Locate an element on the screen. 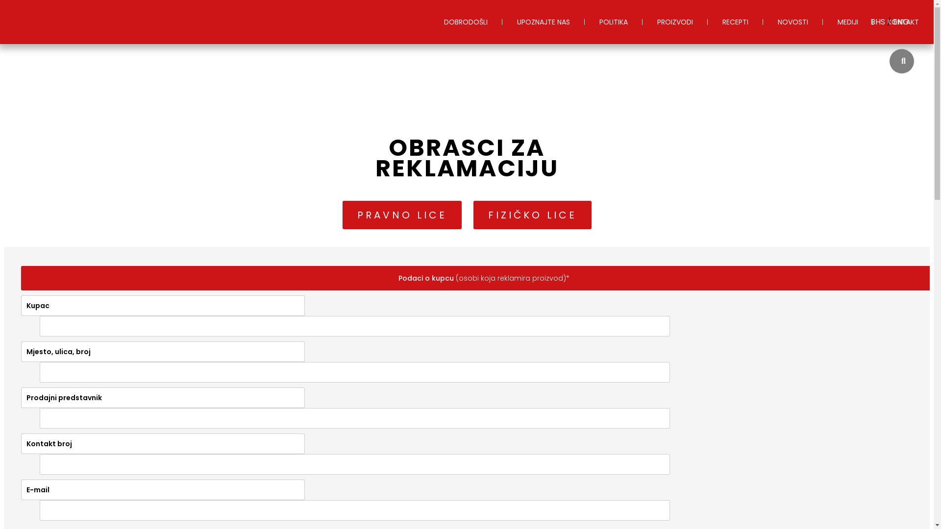 The height and width of the screenshot is (529, 941). 'BHS' is located at coordinates (879, 22).